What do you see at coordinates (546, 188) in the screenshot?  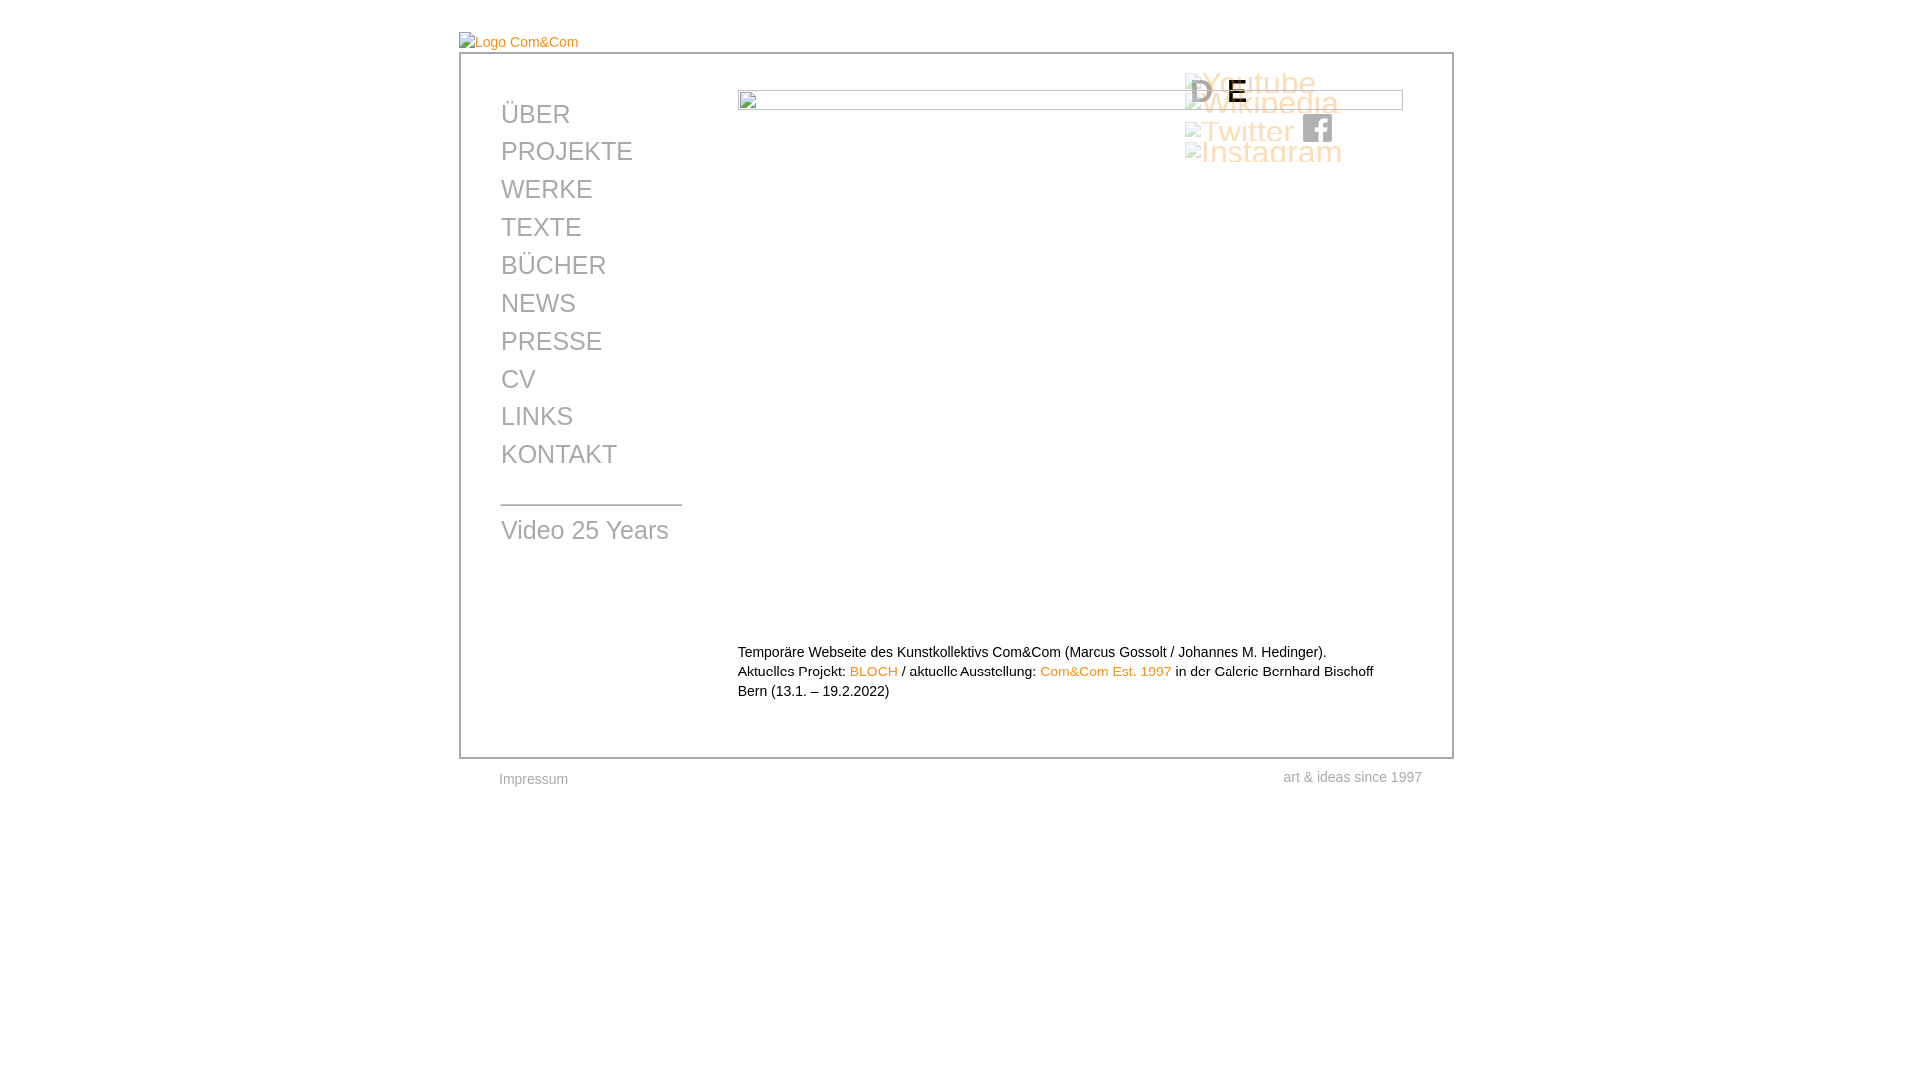 I see `'WERKE'` at bounding box center [546, 188].